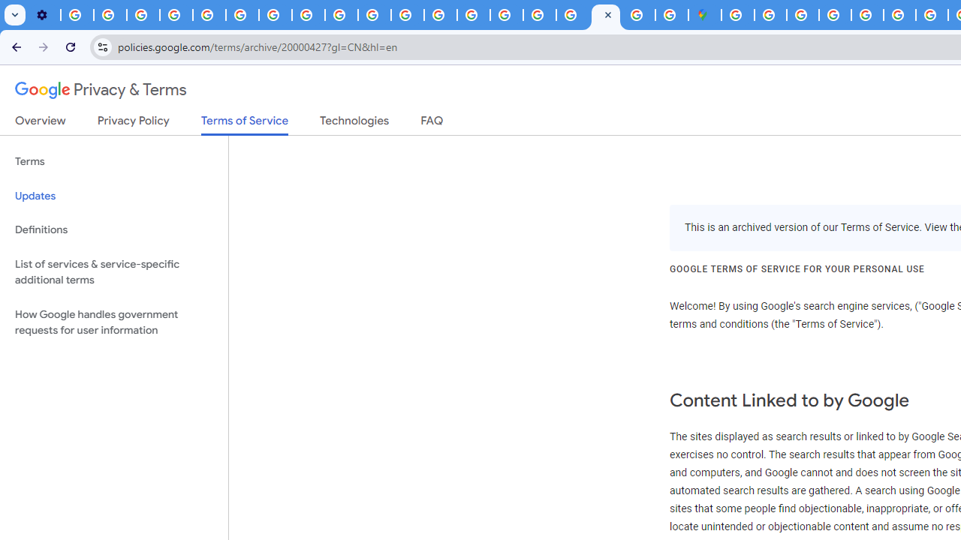 This screenshot has height=540, width=961. I want to click on 'Sign in - Google Accounts', so click(770, 15).